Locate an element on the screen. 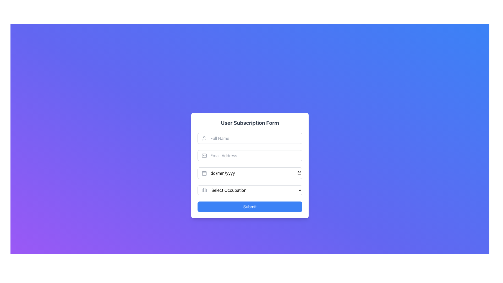 The height and width of the screenshot is (283, 503). the Date Input Field to focus on it for date entry in the User Subscription Form is located at coordinates (250, 173).